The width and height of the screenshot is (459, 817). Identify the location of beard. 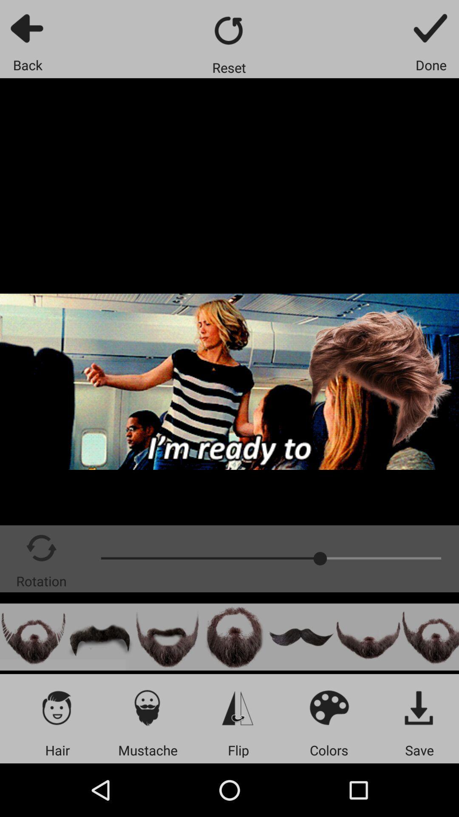
(430, 637).